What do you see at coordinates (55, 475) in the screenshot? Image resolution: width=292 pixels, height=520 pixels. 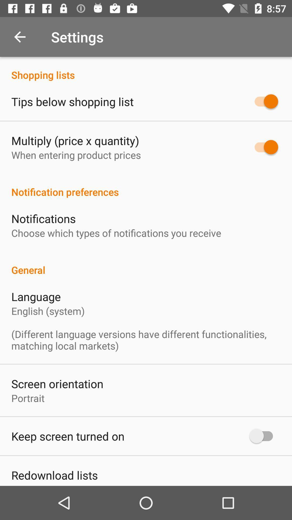 I see `redownload lists icon` at bounding box center [55, 475].